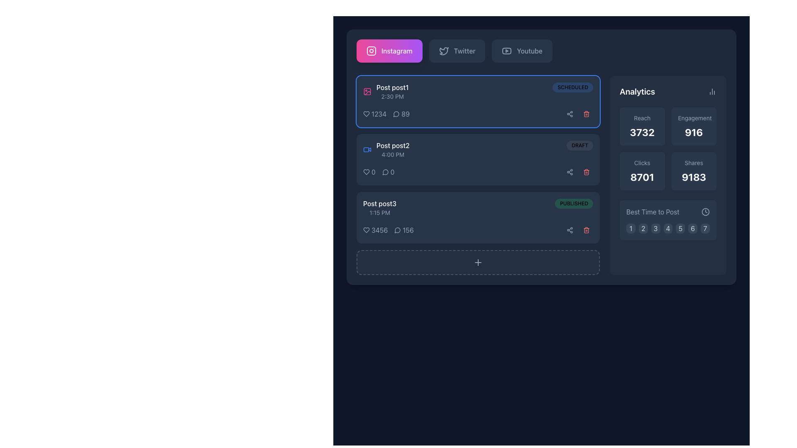  What do you see at coordinates (369, 172) in the screenshot?
I see `the numeric display of '0' with a heart-shaped icon, which is the first counter below the 'Post post2' section in the dark-themed interface` at bounding box center [369, 172].